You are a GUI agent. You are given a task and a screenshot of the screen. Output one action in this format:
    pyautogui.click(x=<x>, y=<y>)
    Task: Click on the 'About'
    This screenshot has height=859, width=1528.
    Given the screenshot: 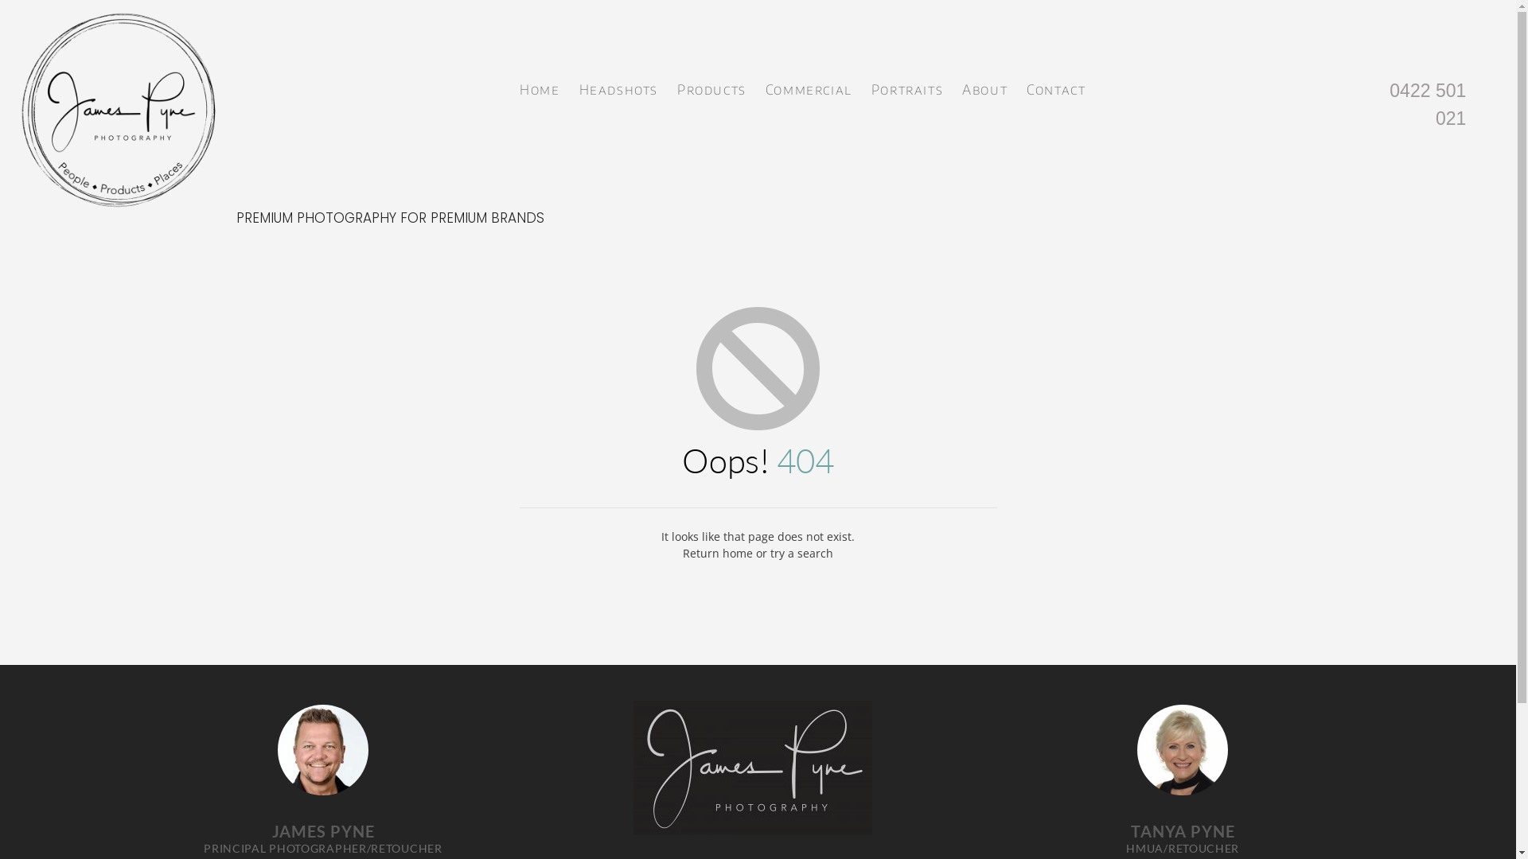 What is the action you would take?
    pyautogui.click(x=984, y=86)
    